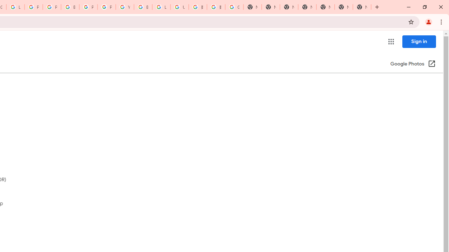  Describe the element at coordinates (234, 7) in the screenshot. I see `'Google Images'` at that location.